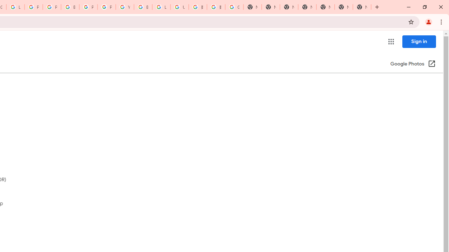  Describe the element at coordinates (234, 7) in the screenshot. I see `'Google Images'` at that location.